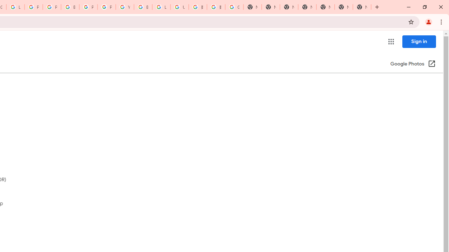  Describe the element at coordinates (234, 7) in the screenshot. I see `'Google Images'` at that location.